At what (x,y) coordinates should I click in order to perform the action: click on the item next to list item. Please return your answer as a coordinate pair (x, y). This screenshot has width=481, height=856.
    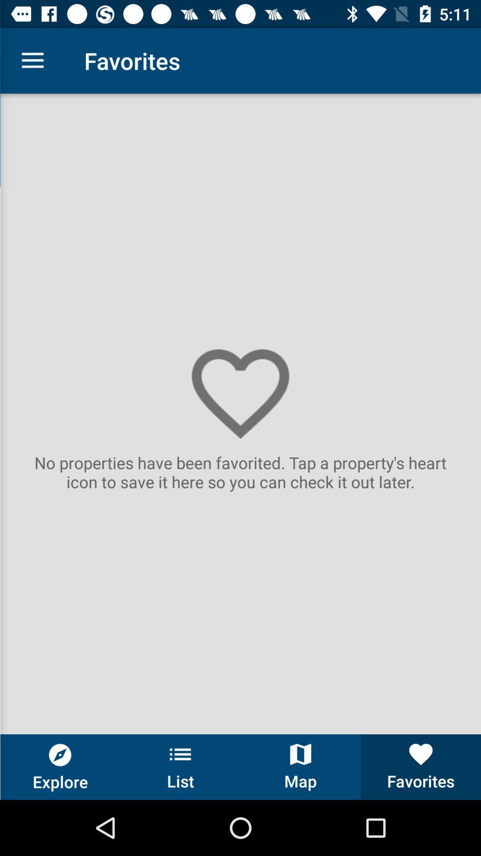
    Looking at the image, I should click on (301, 766).